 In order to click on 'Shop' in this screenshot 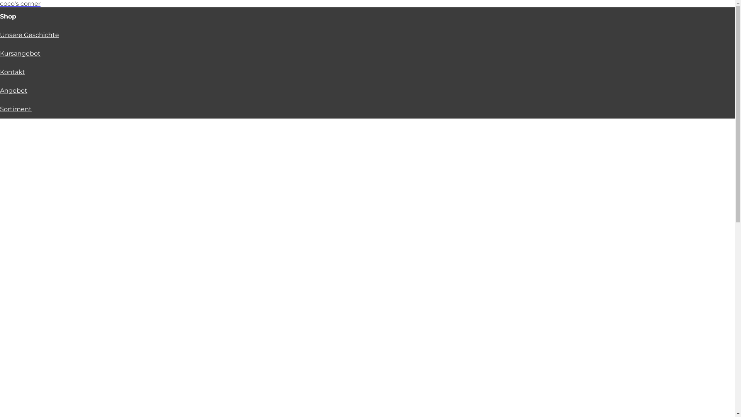, I will do `click(8, 16)`.